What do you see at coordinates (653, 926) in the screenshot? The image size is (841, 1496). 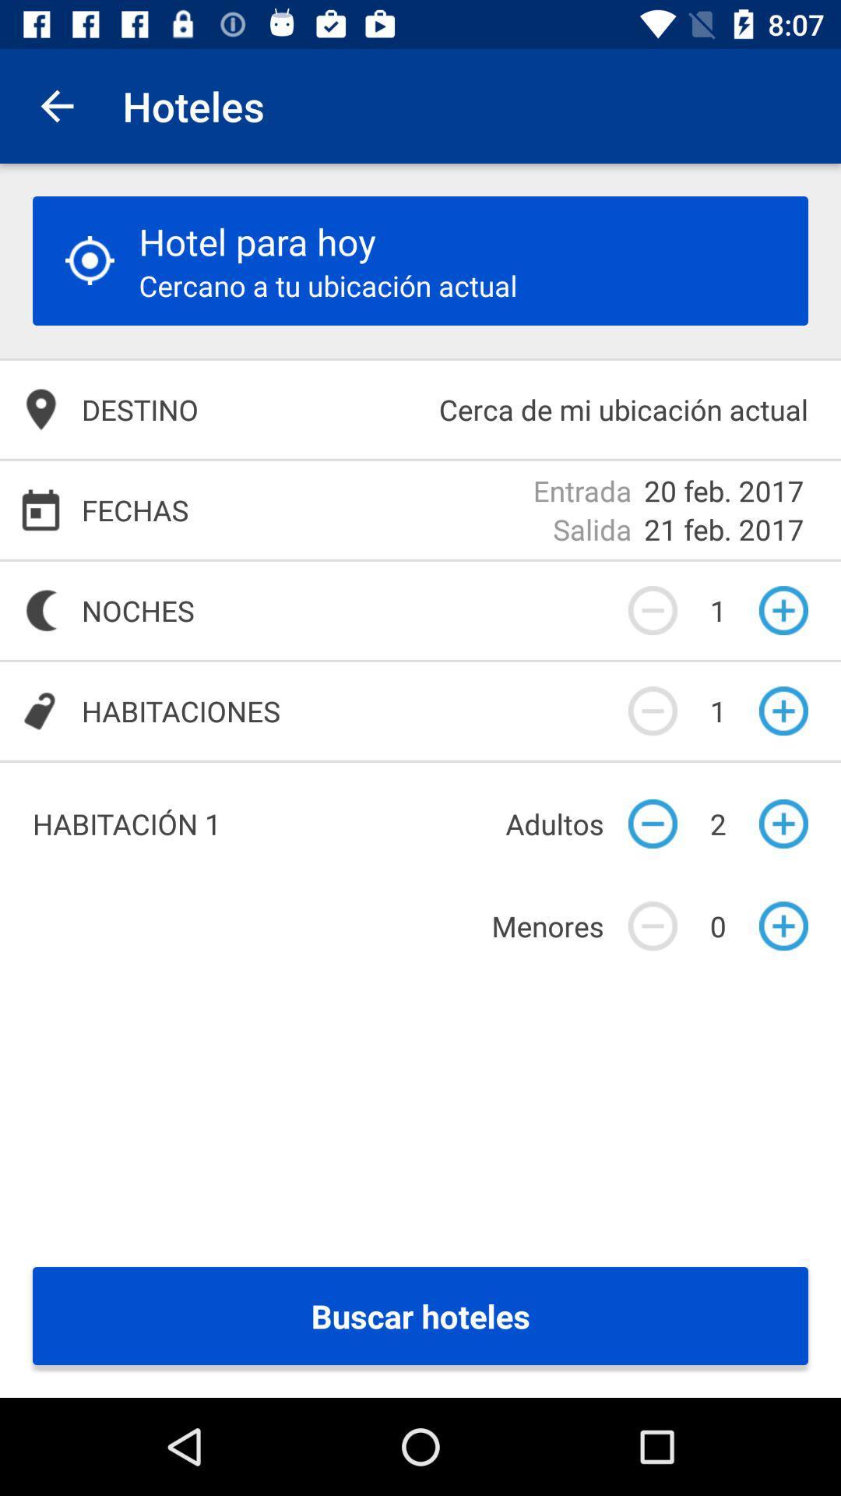 I see `the minus icon` at bounding box center [653, 926].